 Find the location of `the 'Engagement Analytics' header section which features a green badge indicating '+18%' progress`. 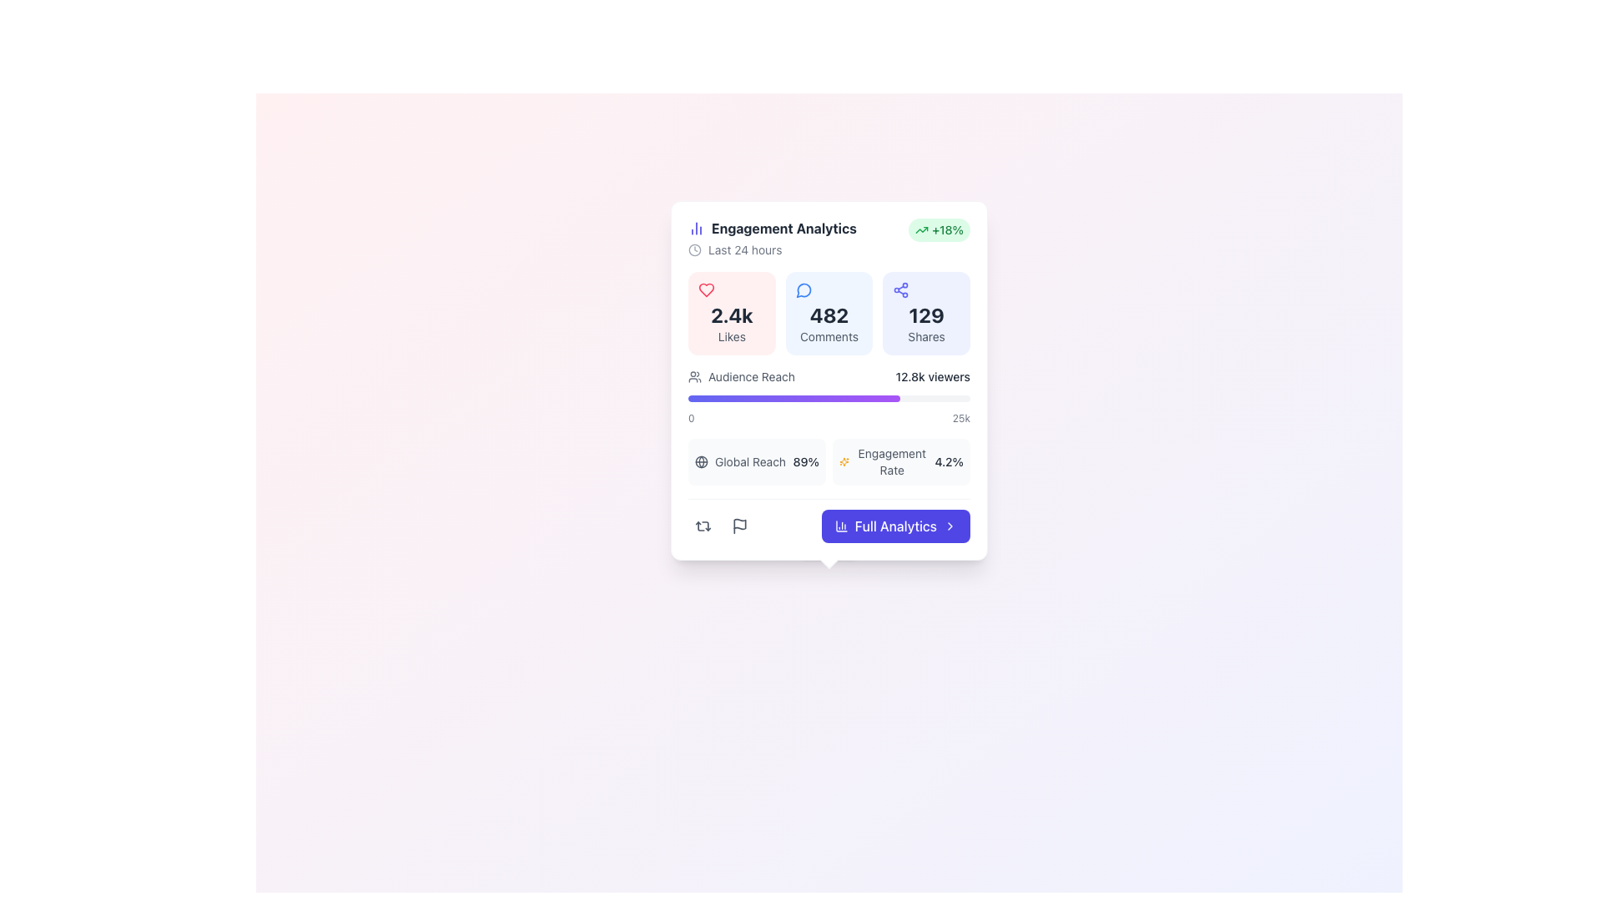

the 'Engagement Analytics' header section which features a green badge indicating '+18%' progress is located at coordinates (829, 238).